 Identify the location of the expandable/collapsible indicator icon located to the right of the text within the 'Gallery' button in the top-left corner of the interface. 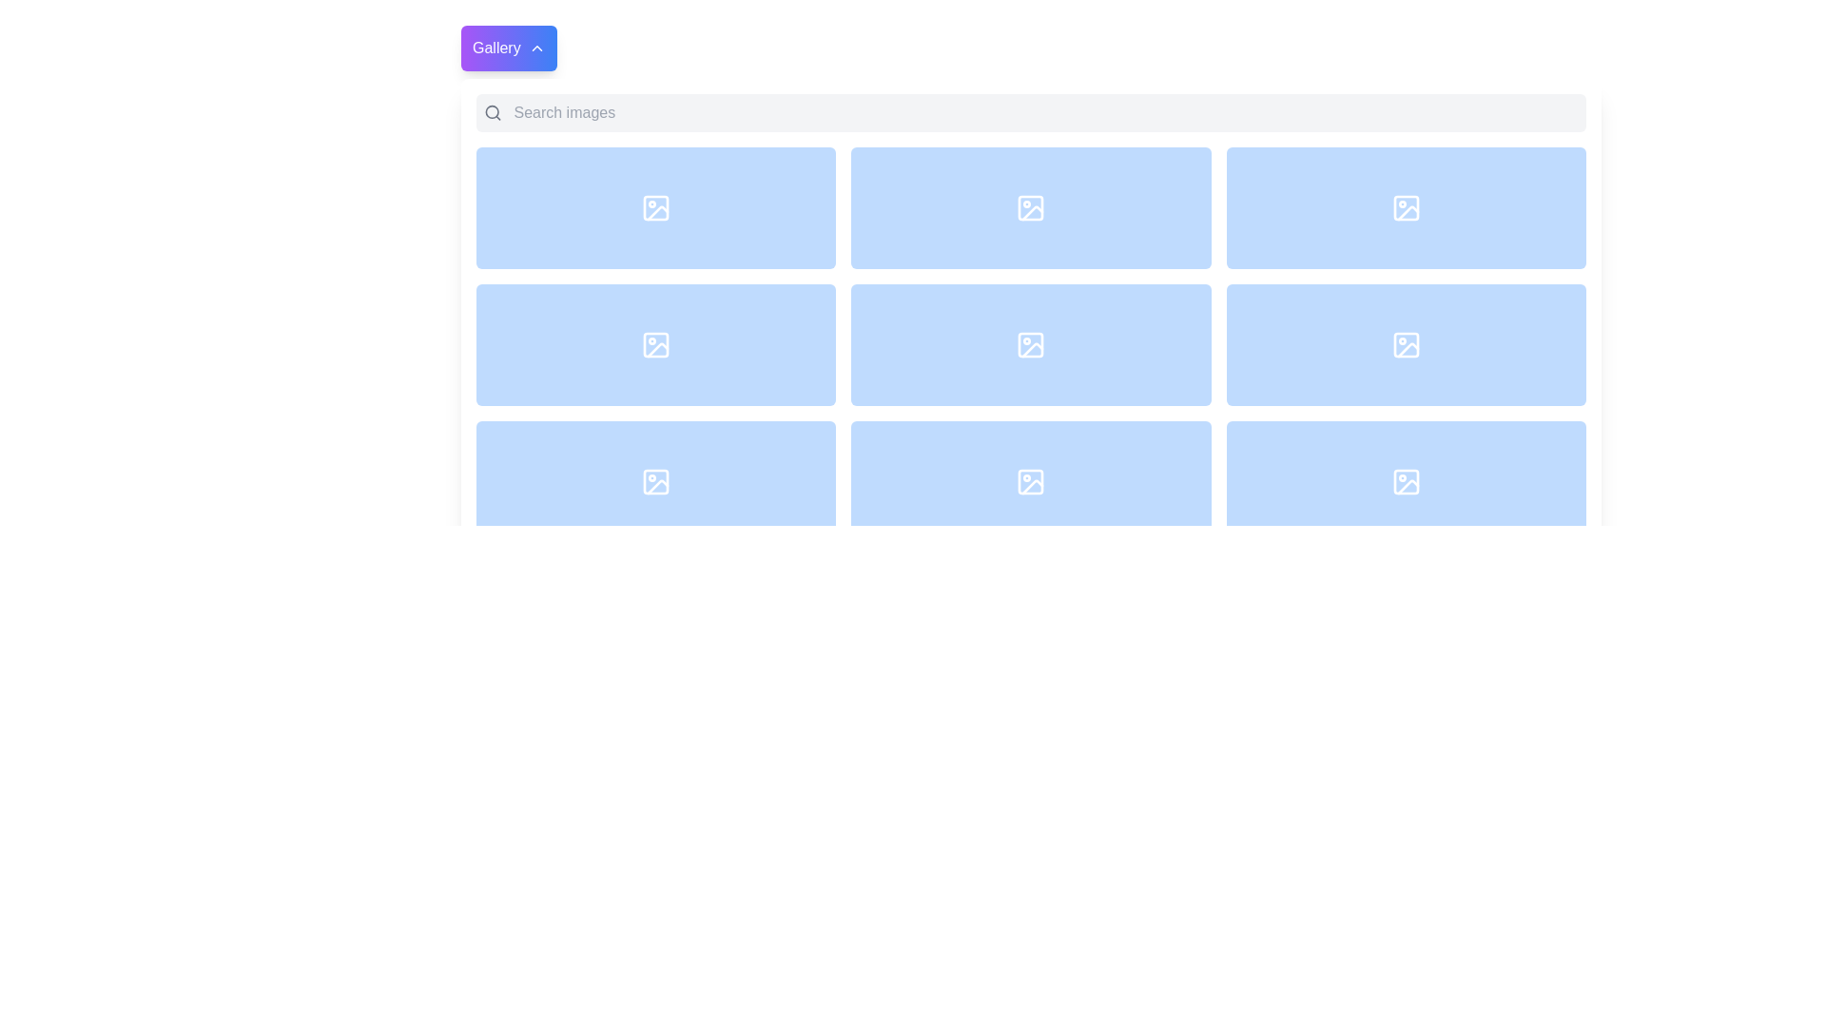
(535, 47).